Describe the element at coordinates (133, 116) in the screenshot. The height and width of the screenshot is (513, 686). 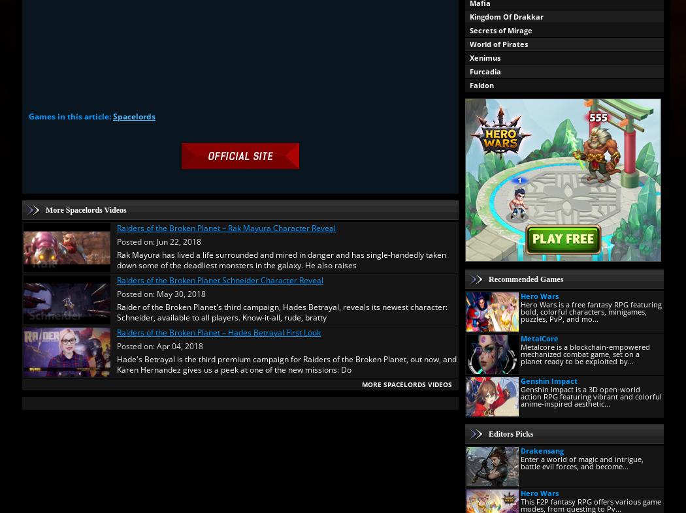
I see `'Spacelords'` at that location.